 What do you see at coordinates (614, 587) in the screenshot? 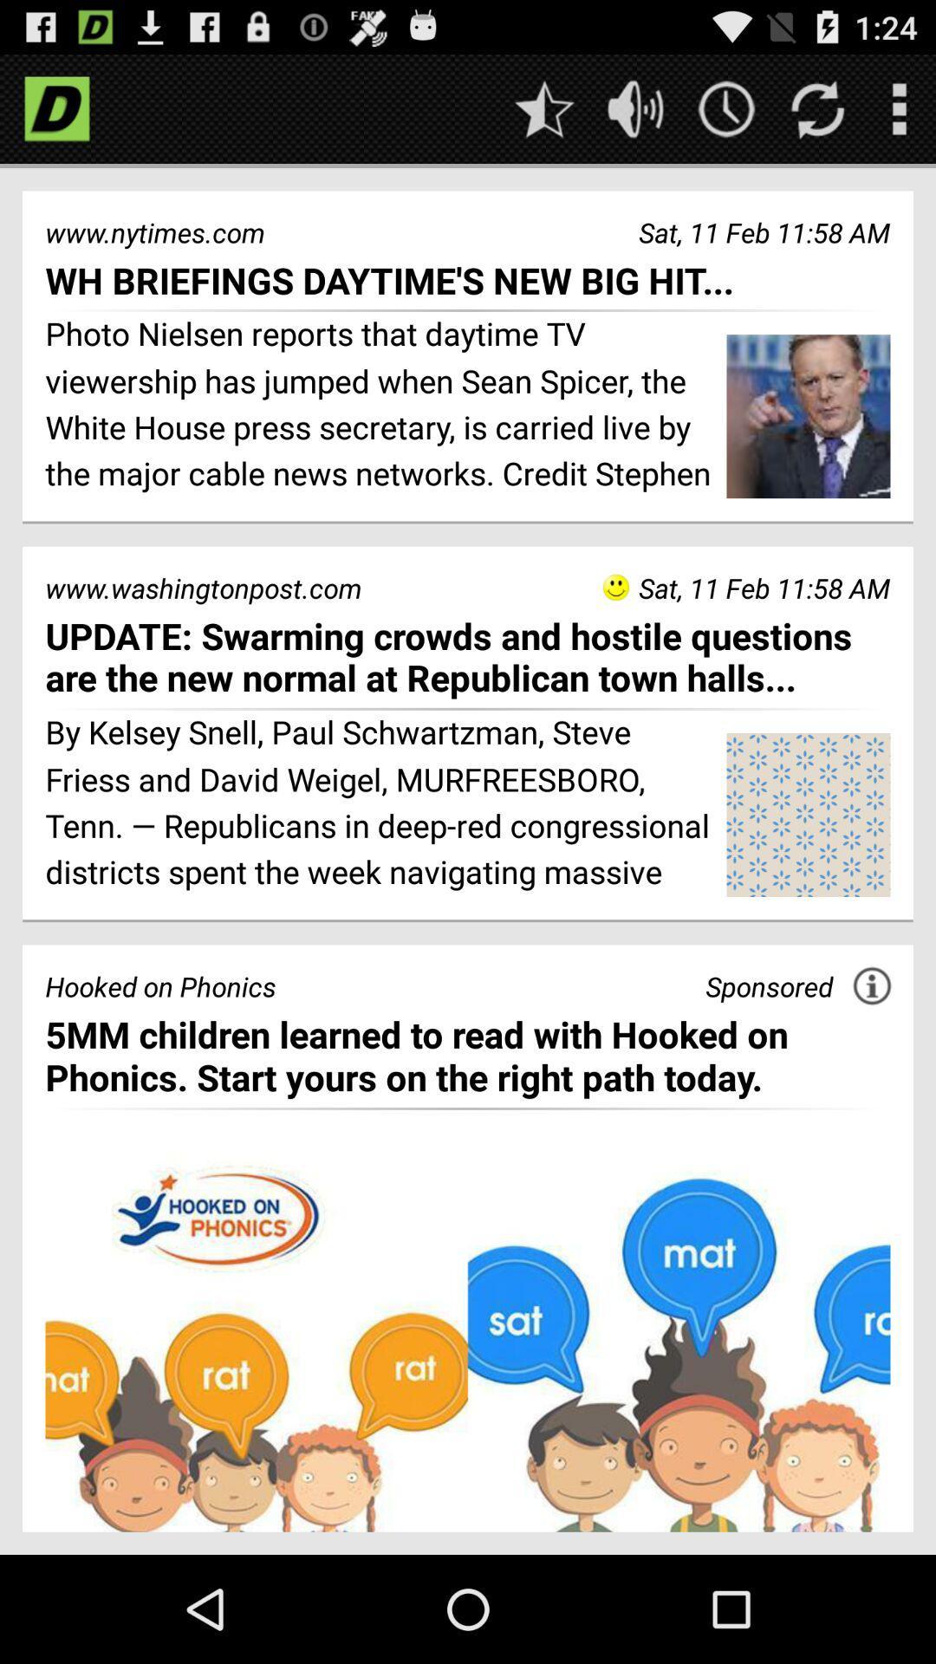
I see `item next to sat 11 feb icon` at bounding box center [614, 587].